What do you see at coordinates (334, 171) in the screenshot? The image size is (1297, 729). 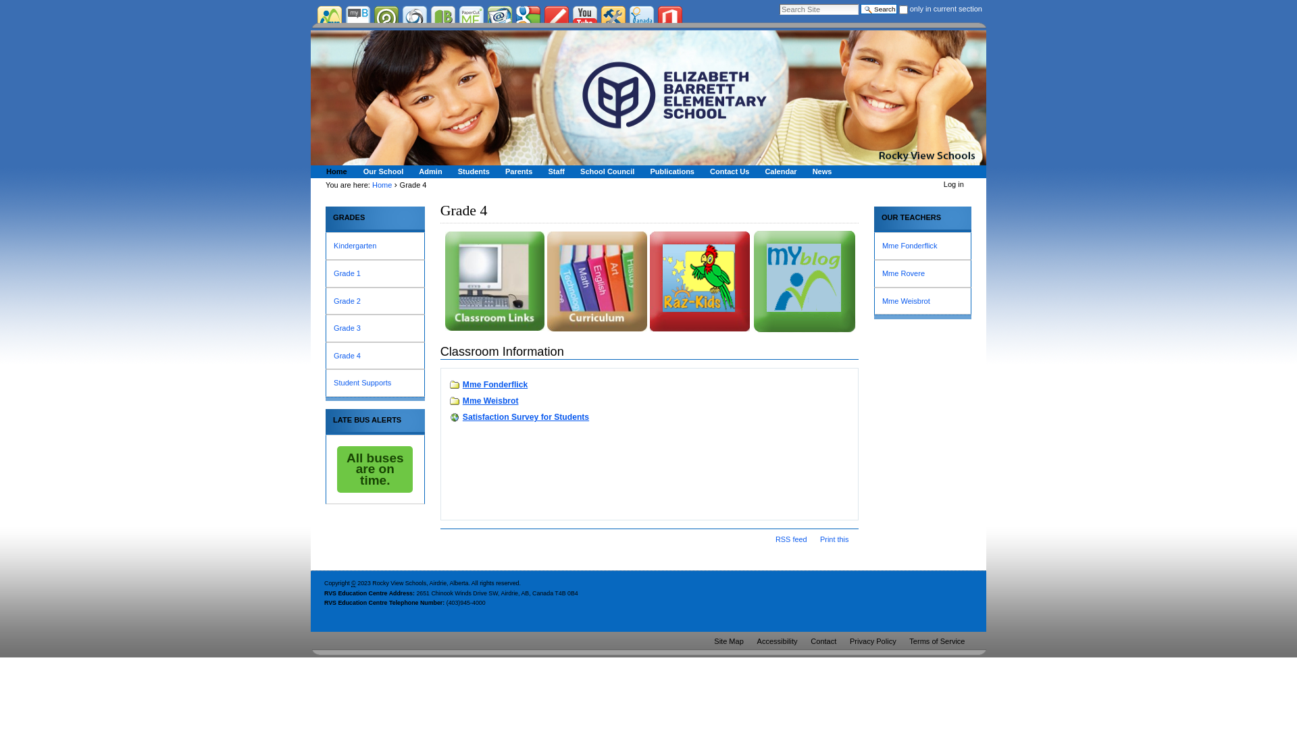 I see `'Home'` at bounding box center [334, 171].